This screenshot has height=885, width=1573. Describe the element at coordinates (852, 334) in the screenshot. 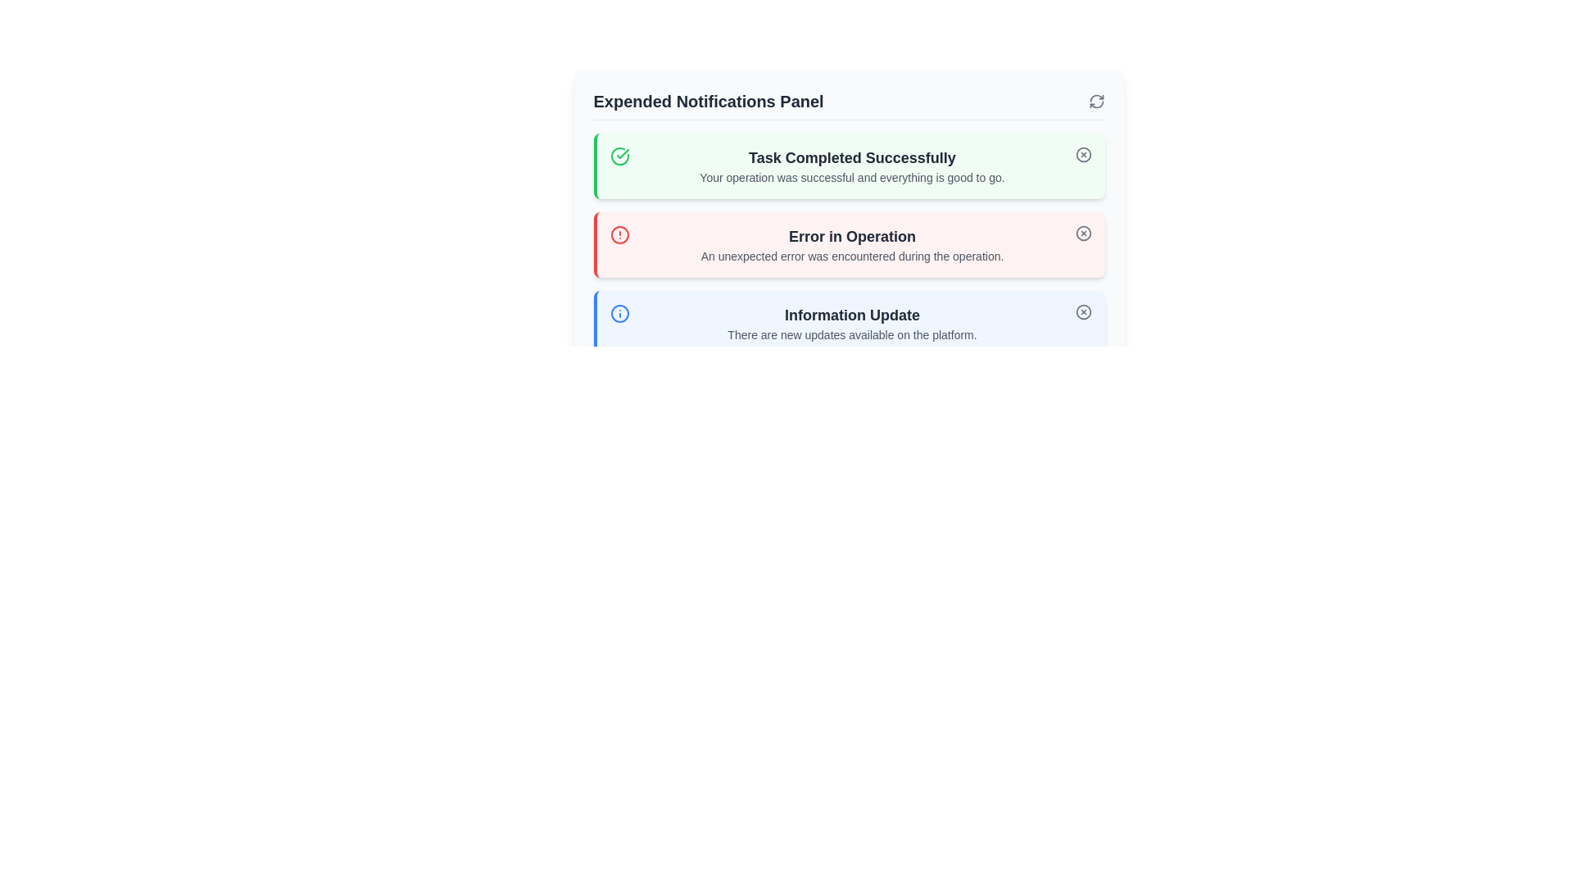

I see `informational text displayed under the 'Information Update' notification, which indicates the availability of updates on the platform` at that location.